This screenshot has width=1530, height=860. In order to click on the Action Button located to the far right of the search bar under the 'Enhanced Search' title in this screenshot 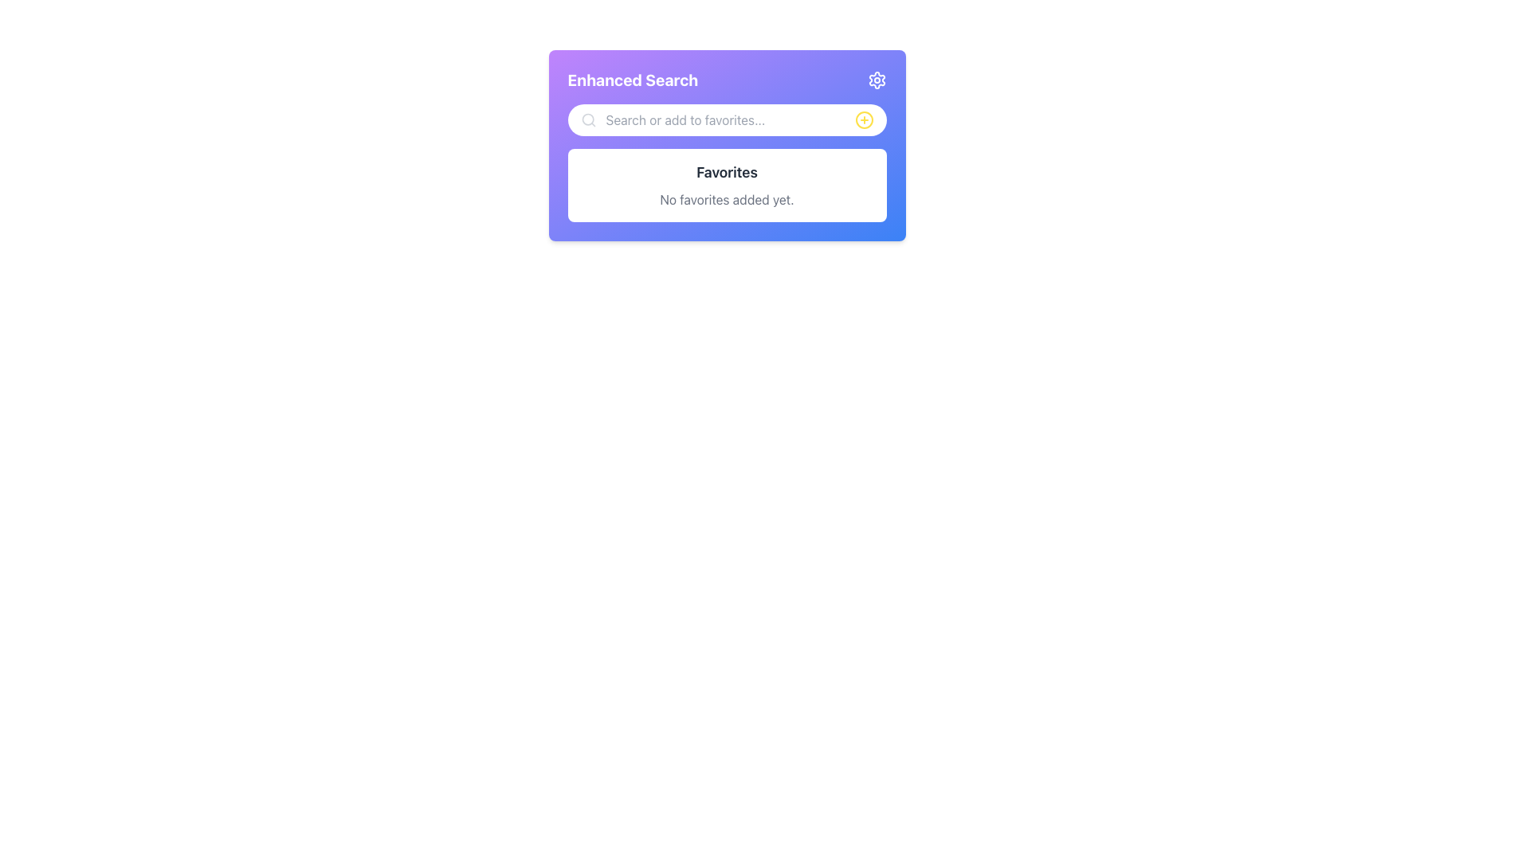, I will do `click(863, 119)`.